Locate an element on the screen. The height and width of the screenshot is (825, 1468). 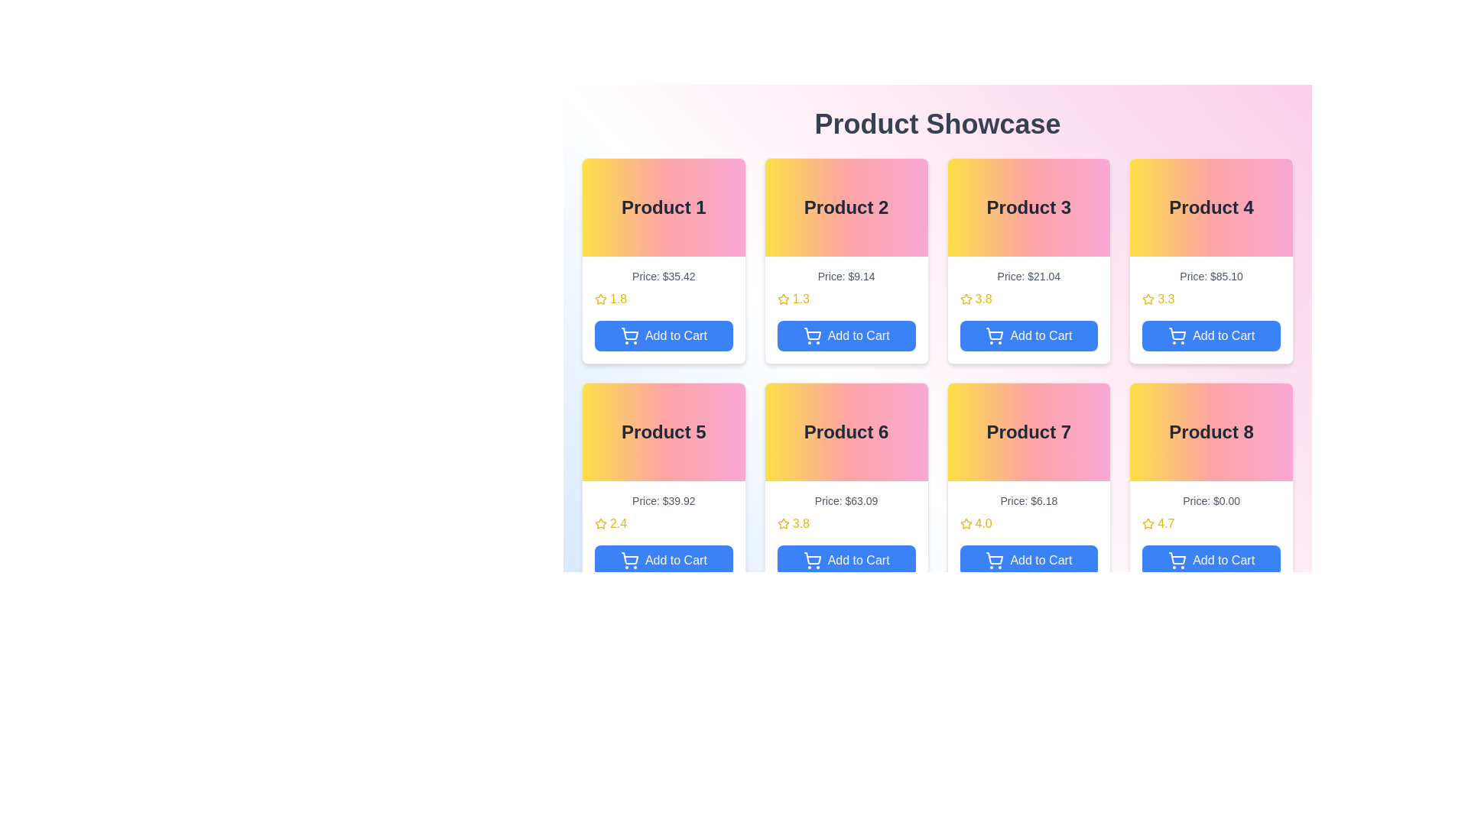
the 'Add to Cart' button which contains the Shopping Cart icon is located at coordinates (629, 335).